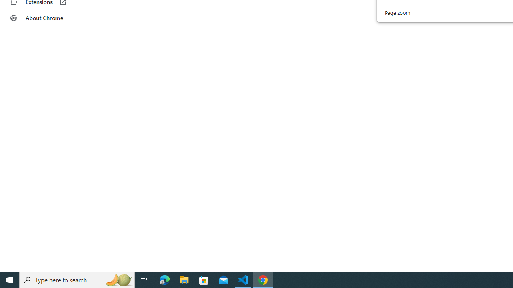 This screenshot has width=513, height=288. What do you see at coordinates (49, 18) in the screenshot?
I see `'About Chrome'` at bounding box center [49, 18].